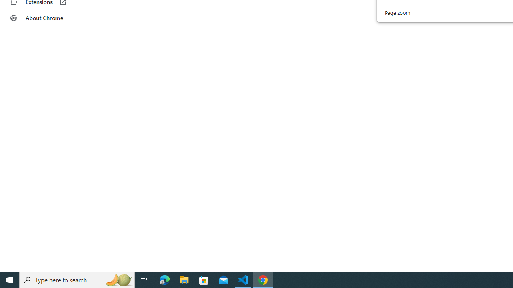 This screenshot has width=513, height=288. What do you see at coordinates (49, 18) in the screenshot?
I see `'About Chrome'` at bounding box center [49, 18].